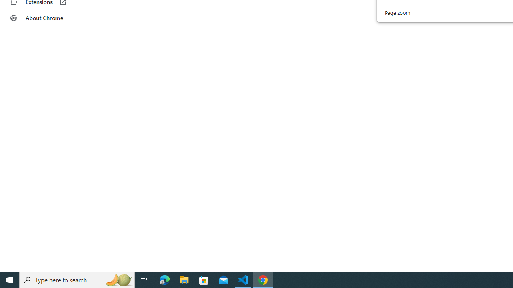 This screenshot has width=513, height=288. What do you see at coordinates (49, 18) in the screenshot?
I see `'About Chrome'` at bounding box center [49, 18].